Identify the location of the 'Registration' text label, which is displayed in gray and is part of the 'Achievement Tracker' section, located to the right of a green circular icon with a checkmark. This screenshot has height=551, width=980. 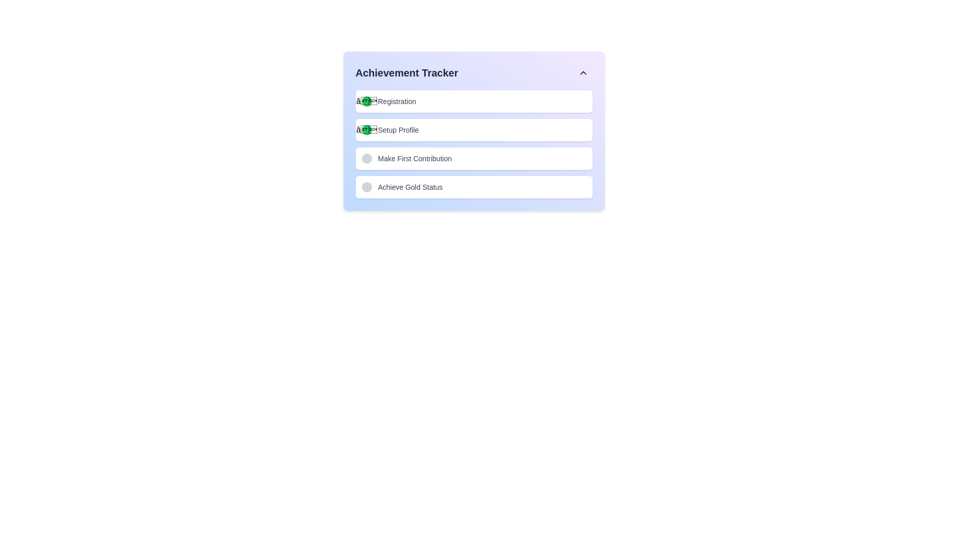
(396, 102).